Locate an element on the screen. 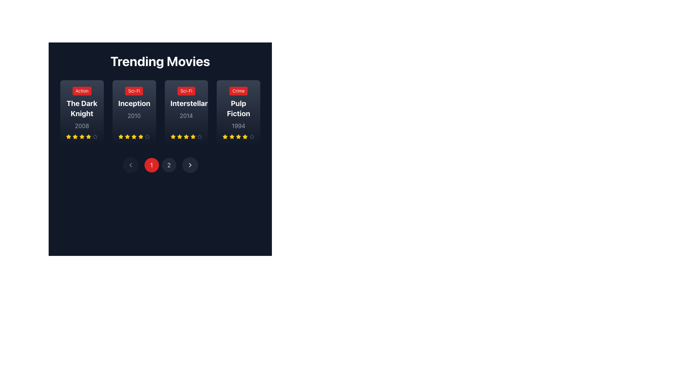  the fourth star in the five-star rating system for the 'Pulp Fiction' movie card using accessibility tools is located at coordinates (239, 136).